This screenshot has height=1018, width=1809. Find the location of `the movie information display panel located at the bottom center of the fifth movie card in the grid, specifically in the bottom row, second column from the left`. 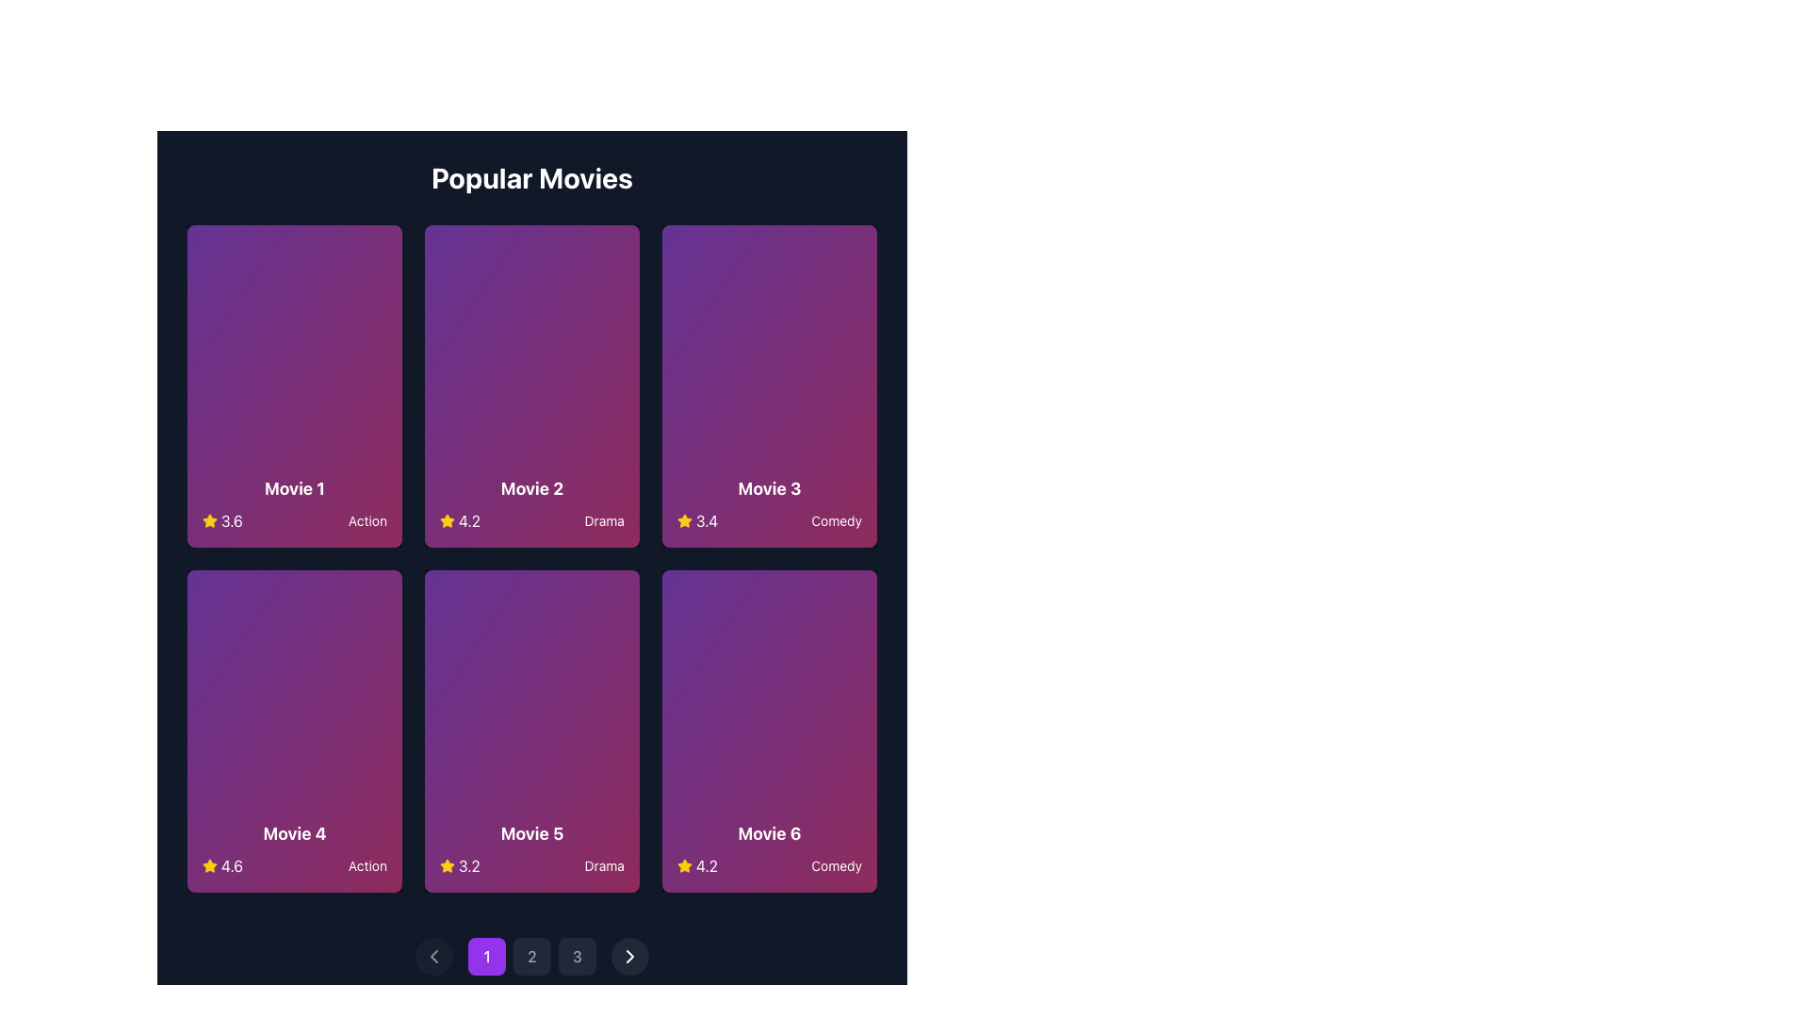

the movie information display panel located at the bottom center of the fifth movie card in the grid, specifically in the bottom row, second column from the left is located at coordinates (531, 849).